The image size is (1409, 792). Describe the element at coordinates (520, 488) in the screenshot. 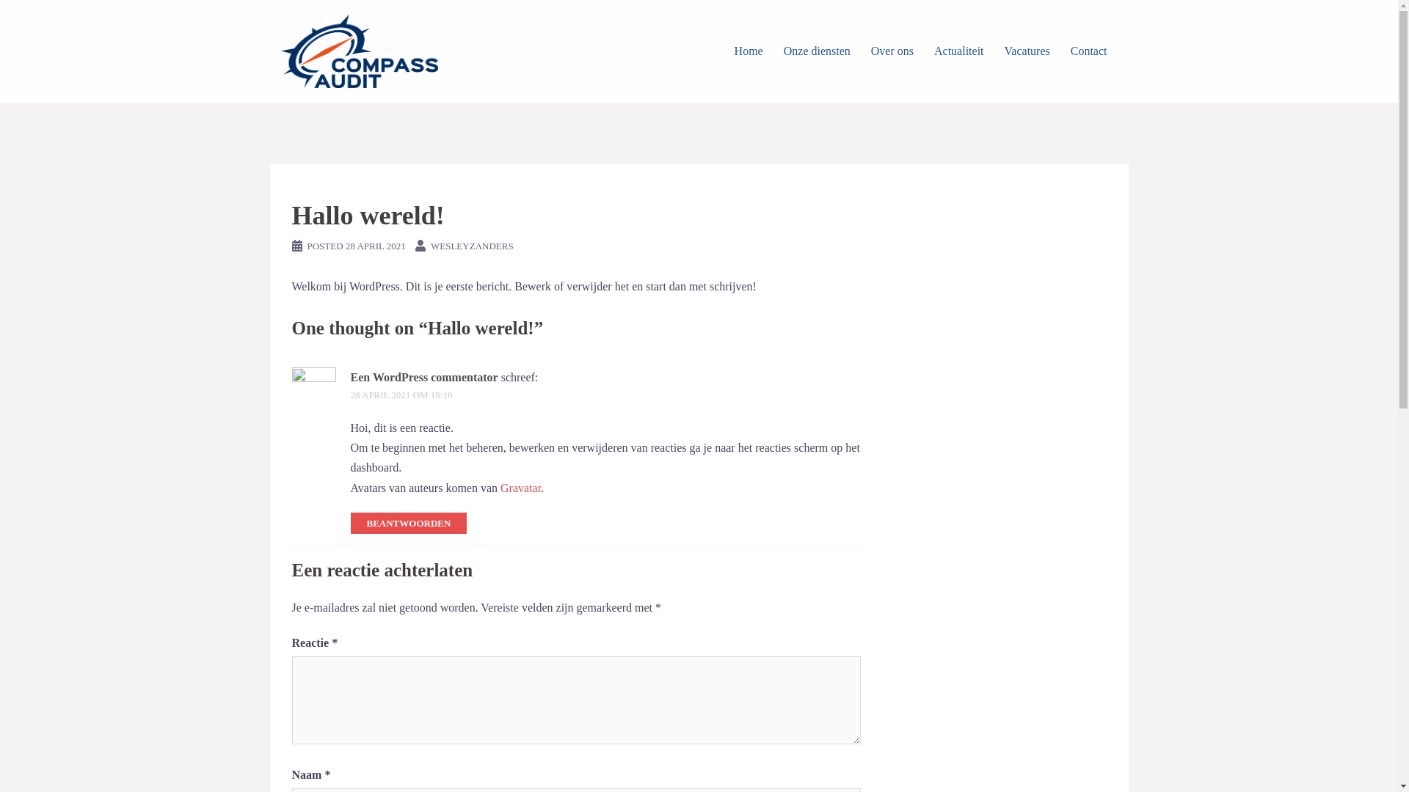

I see `'Gravatar'` at that location.